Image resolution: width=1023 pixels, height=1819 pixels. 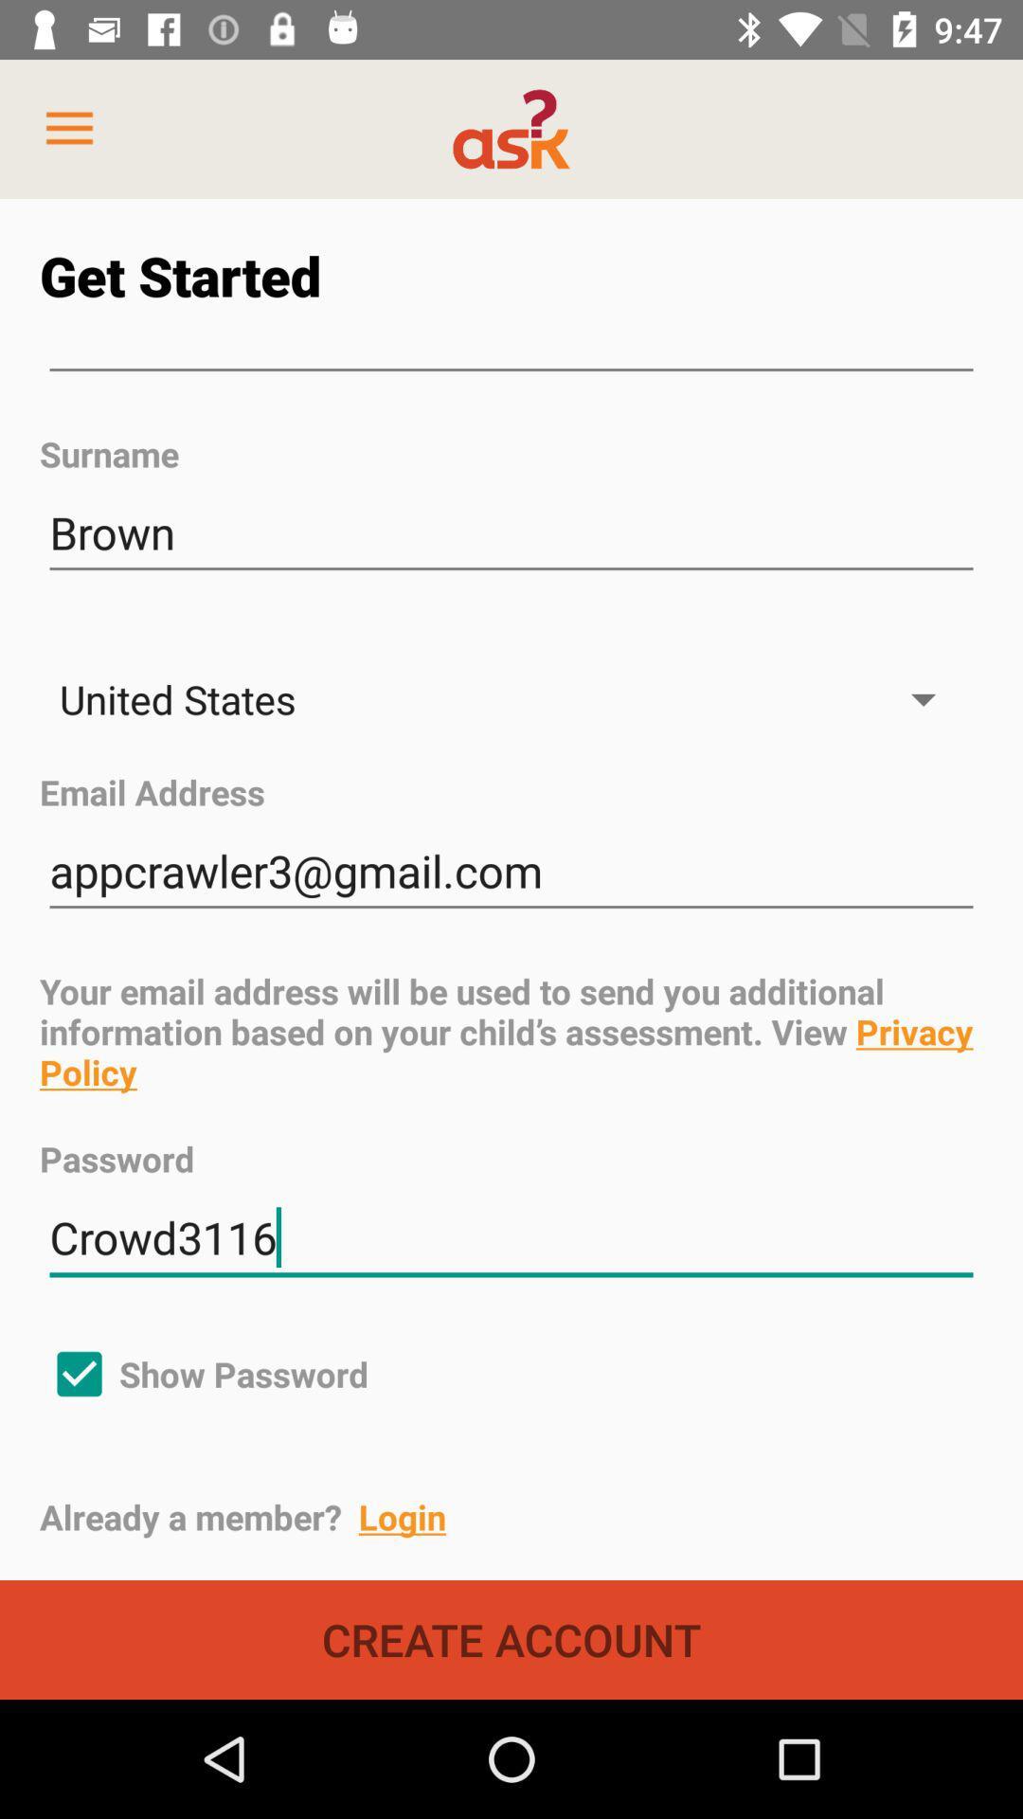 I want to click on the icon below the crowd3116, so click(x=204, y=1374).